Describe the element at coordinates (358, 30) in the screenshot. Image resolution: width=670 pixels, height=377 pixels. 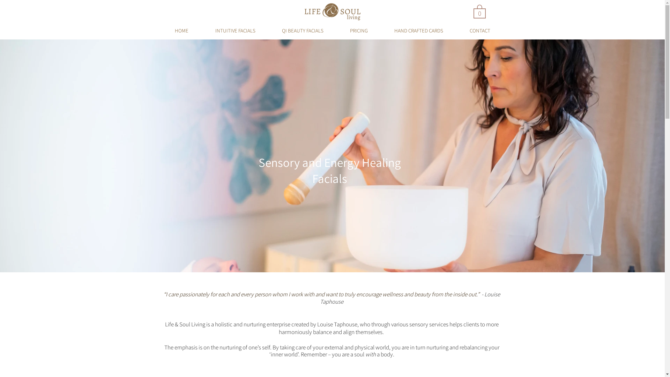
I see `'PRICING'` at that location.